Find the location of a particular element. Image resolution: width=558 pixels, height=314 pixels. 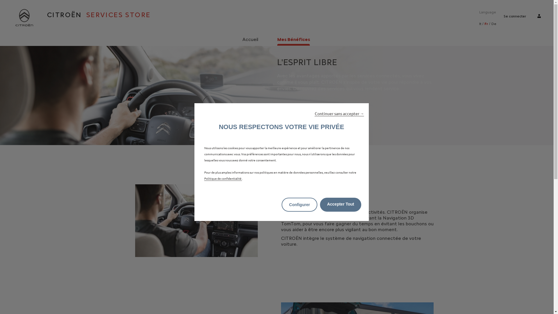

'Configurer' is located at coordinates (282, 204).